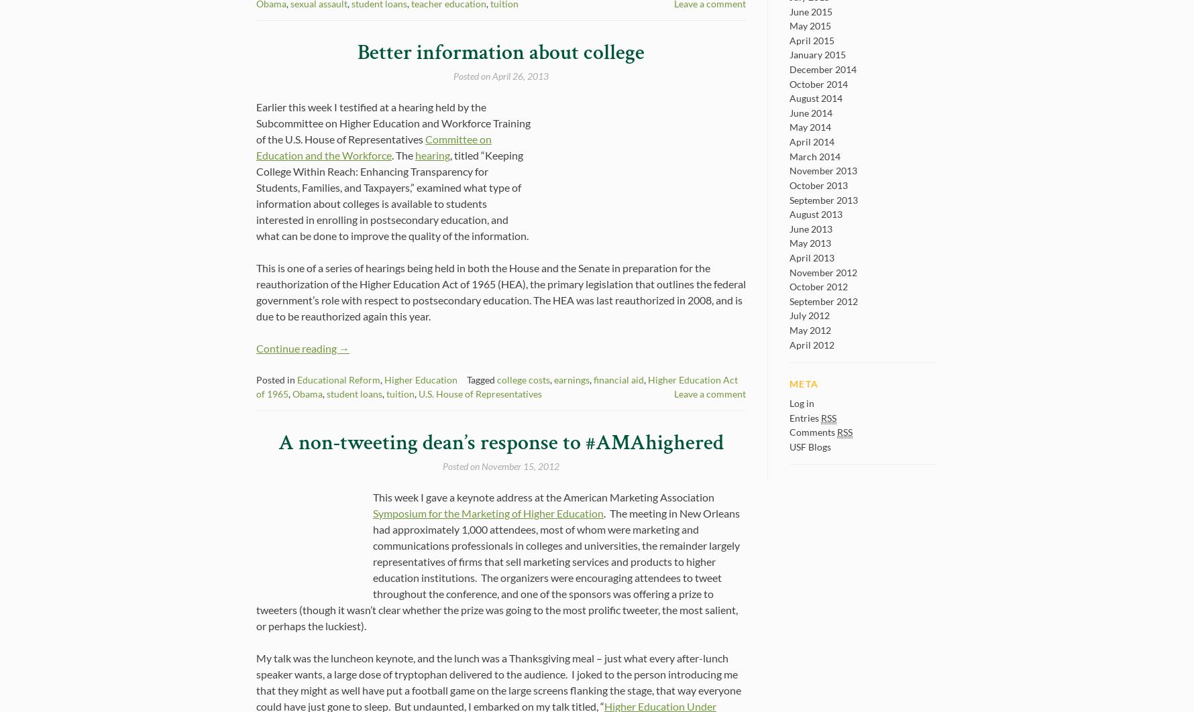 This screenshot has width=1194, height=712. What do you see at coordinates (501, 52) in the screenshot?
I see `'Better information about college'` at bounding box center [501, 52].